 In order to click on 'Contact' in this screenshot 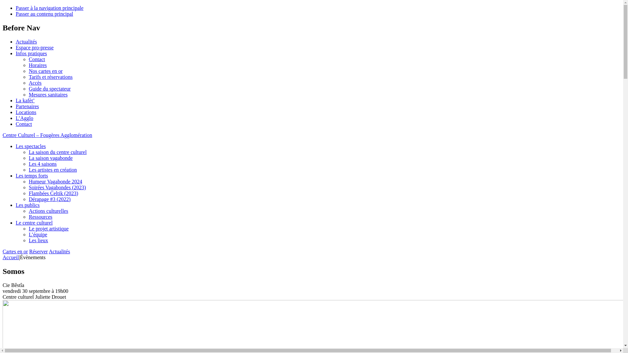, I will do `click(24, 124)`.